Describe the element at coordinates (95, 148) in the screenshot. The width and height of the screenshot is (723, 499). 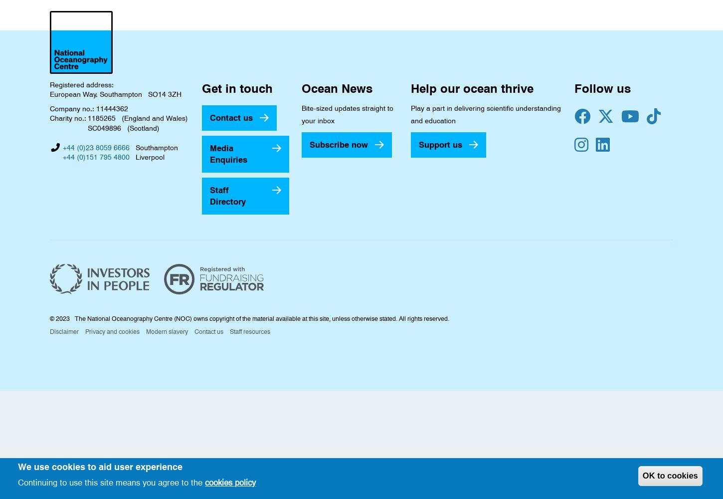
I see `'+44 (0)23 8059 6666'` at that location.